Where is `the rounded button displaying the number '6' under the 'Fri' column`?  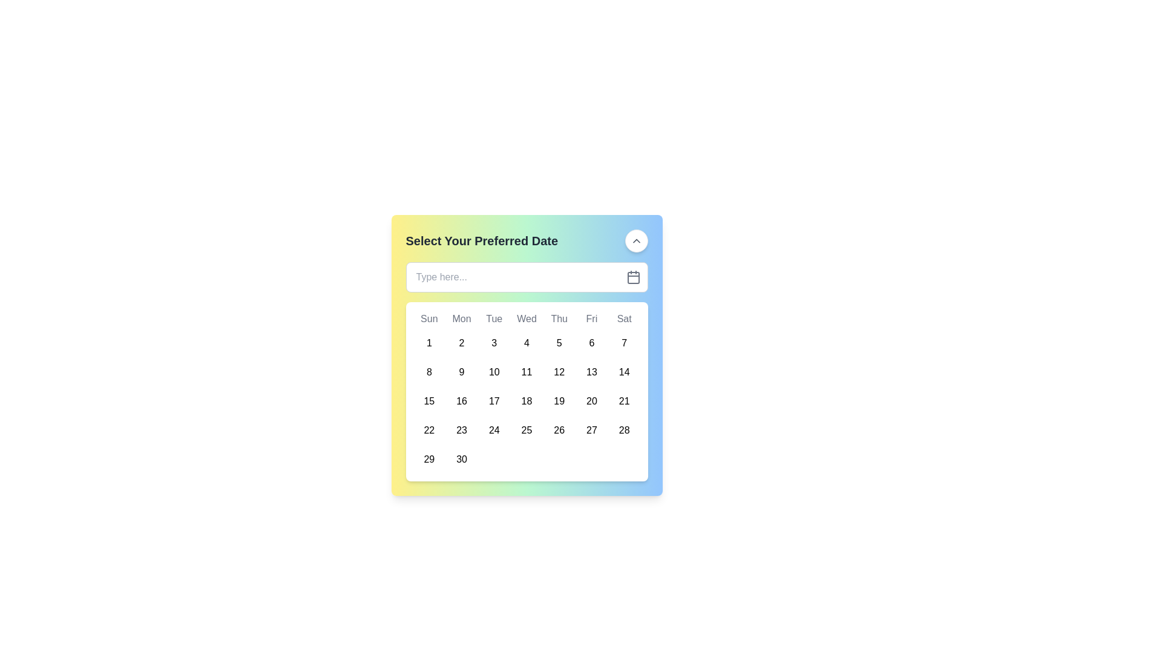
the rounded button displaying the number '6' under the 'Fri' column is located at coordinates (591, 343).